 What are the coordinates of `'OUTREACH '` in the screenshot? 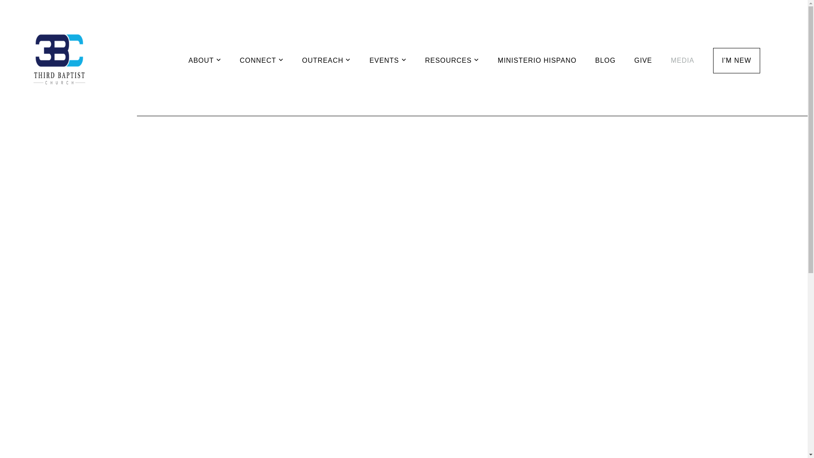 It's located at (326, 60).